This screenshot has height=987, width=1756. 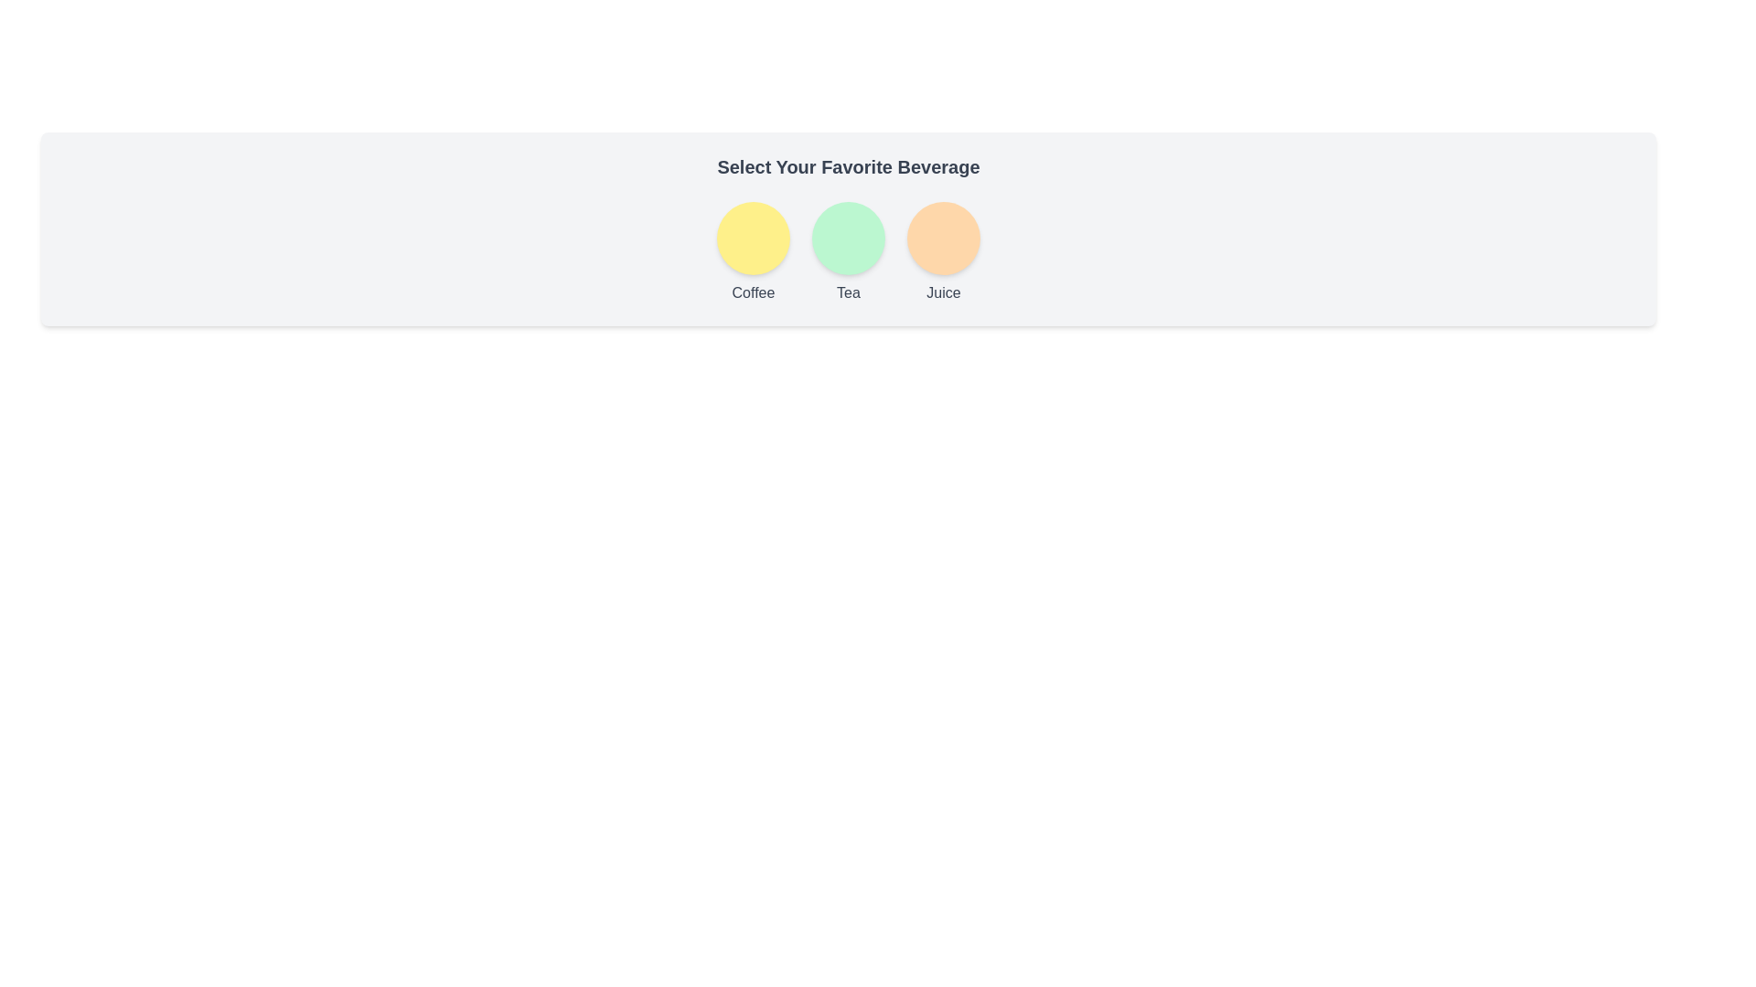 What do you see at coordinates (847, 238) in the screenshot?
I see `the 'Tea' button` at bounding box center [847, 238].